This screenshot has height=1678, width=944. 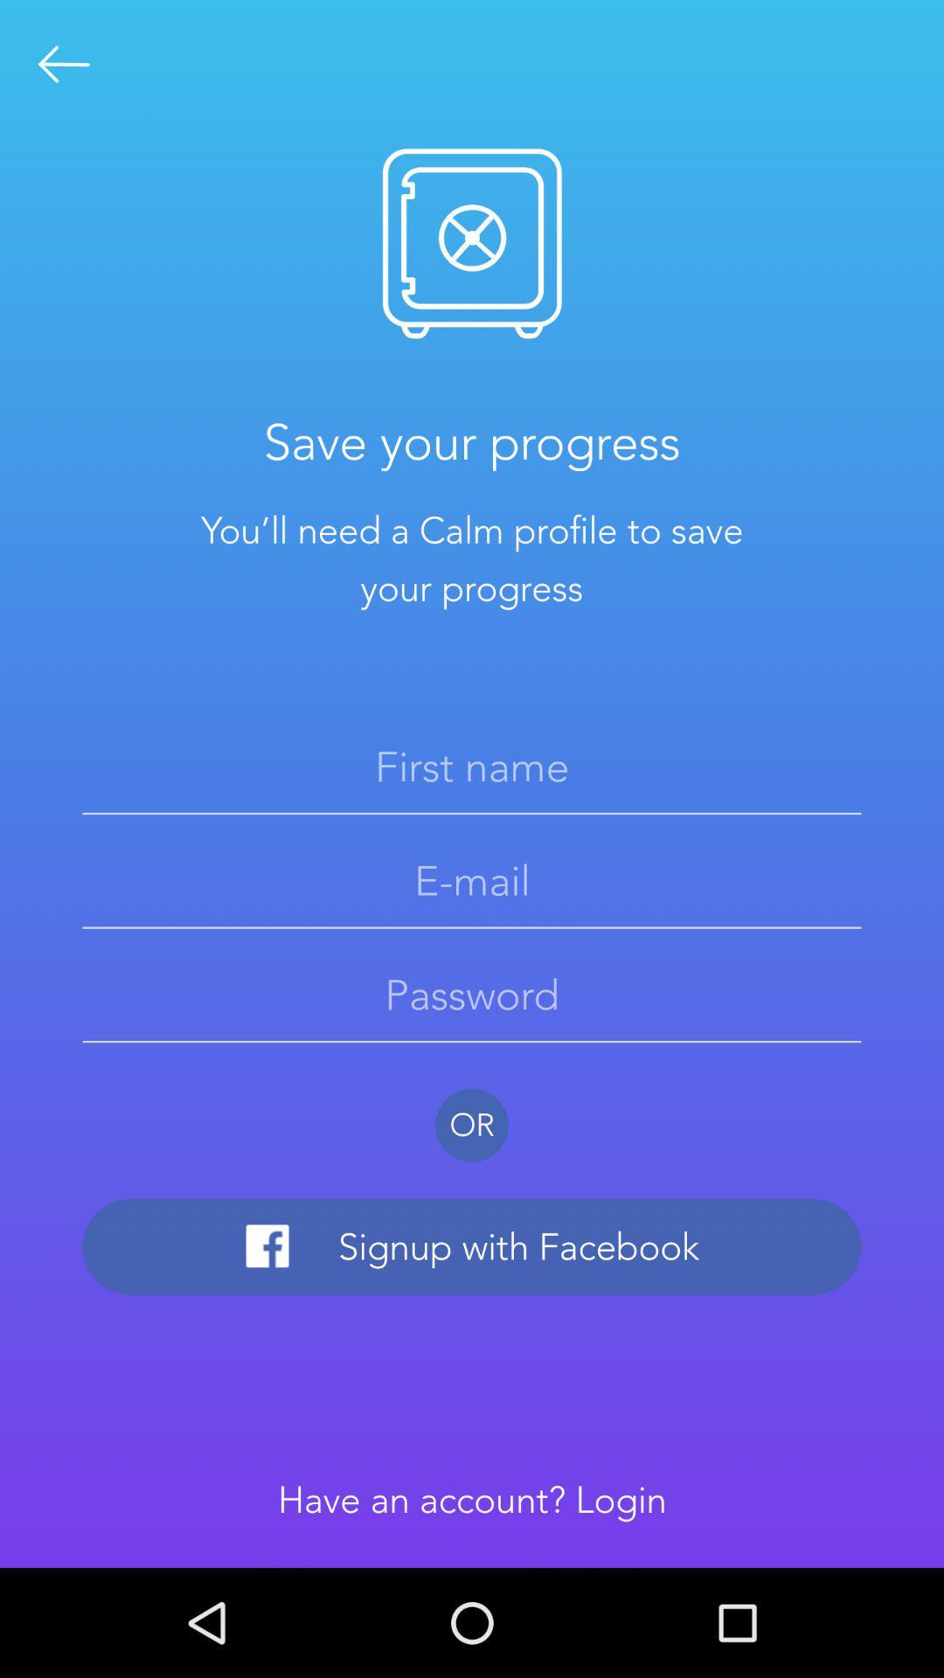 I want to click on name information, so click(x=472, y=766).